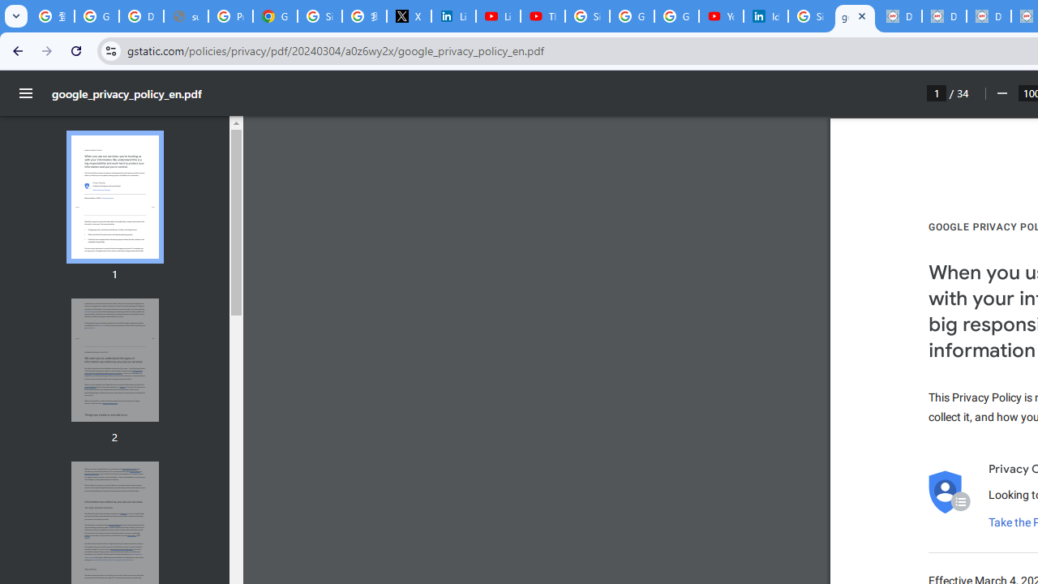  Describe the element at coordinates (937, 92) in the screenshot. I see `'Page number'` at that location.